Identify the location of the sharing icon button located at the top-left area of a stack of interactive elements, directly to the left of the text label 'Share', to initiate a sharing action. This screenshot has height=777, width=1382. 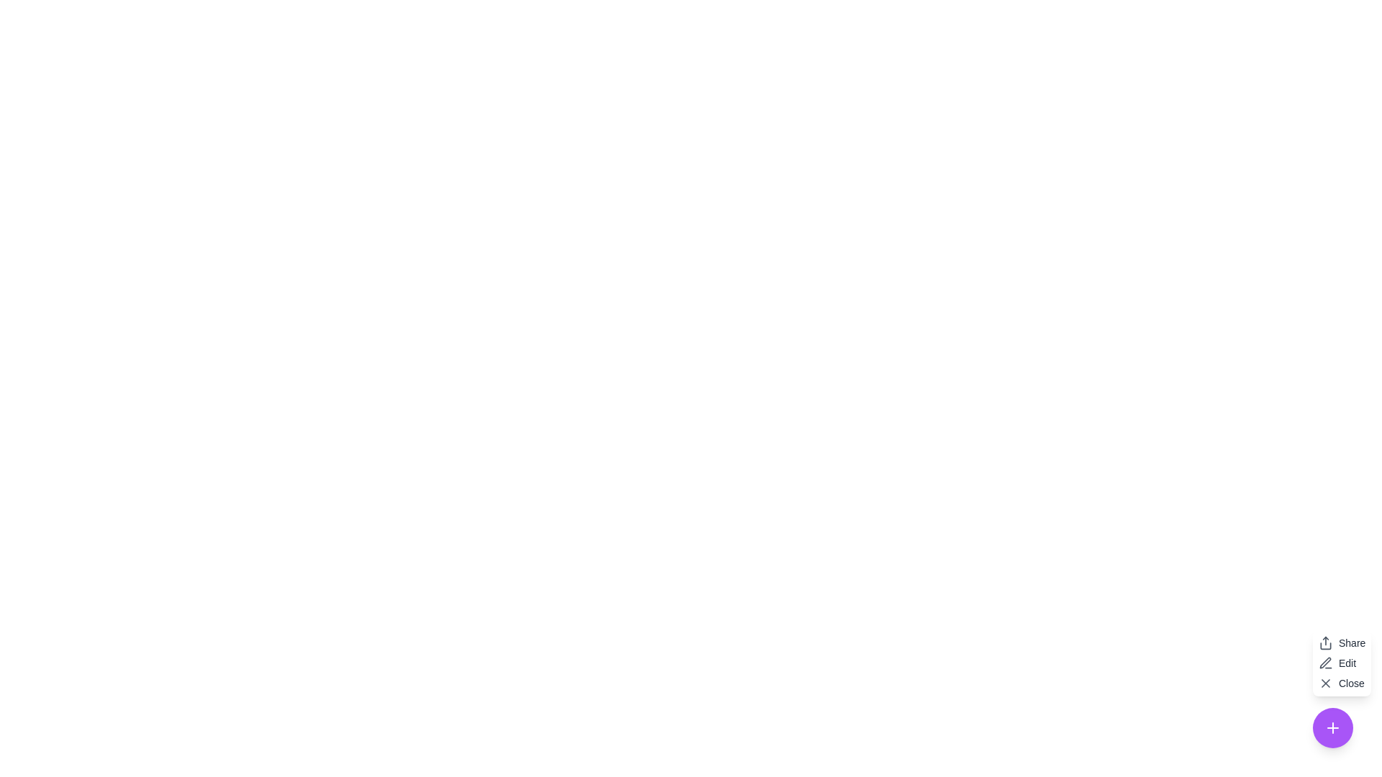
(1325, 642).